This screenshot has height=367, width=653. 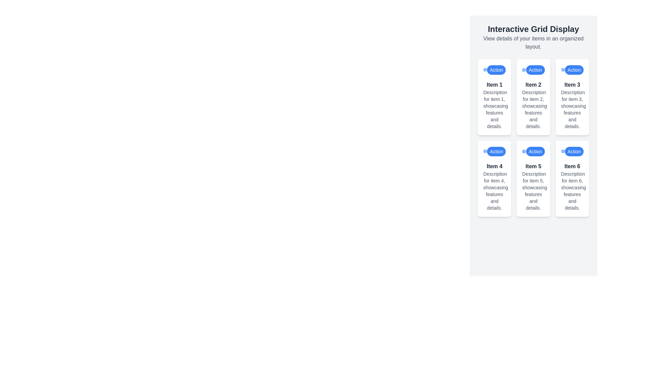 What do you see at coordinates (572, 191) in the screenshot?
I see `text block displaying 'Description for item 6, showcasing features and details.' located below the title 'Item 6' in the bottom-right corner of the grid layout` at bounding box center [572, 191].